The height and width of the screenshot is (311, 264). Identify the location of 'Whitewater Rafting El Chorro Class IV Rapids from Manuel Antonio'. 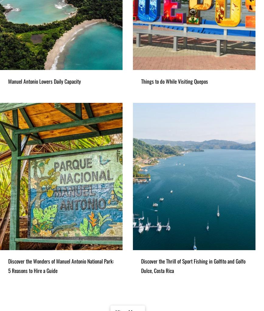
(20, 237).